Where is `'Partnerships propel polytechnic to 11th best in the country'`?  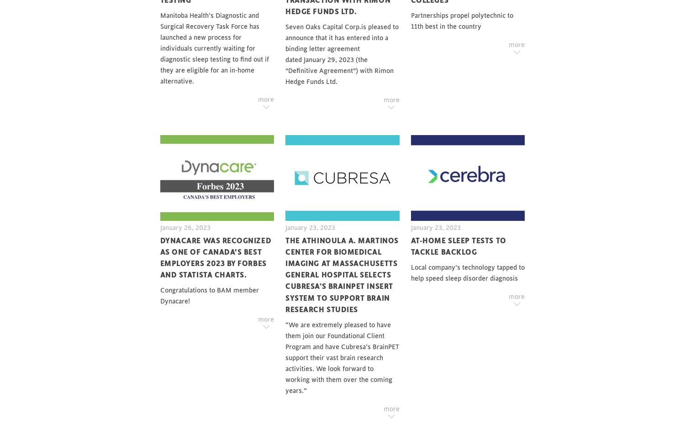 'Partnerships propel polytechnic to 11th best in the country' is located at coordinates (462, 21).